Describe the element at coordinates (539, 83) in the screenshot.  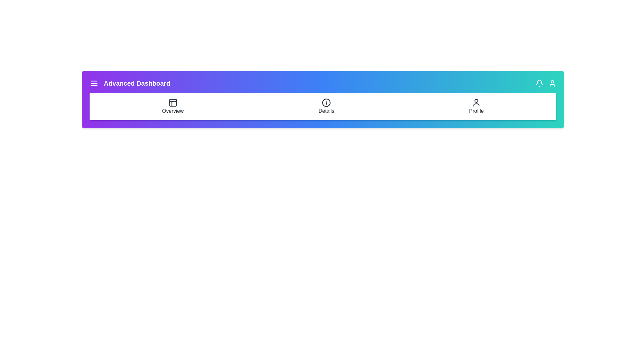
I see `the bell icon to view notifications` at that location.